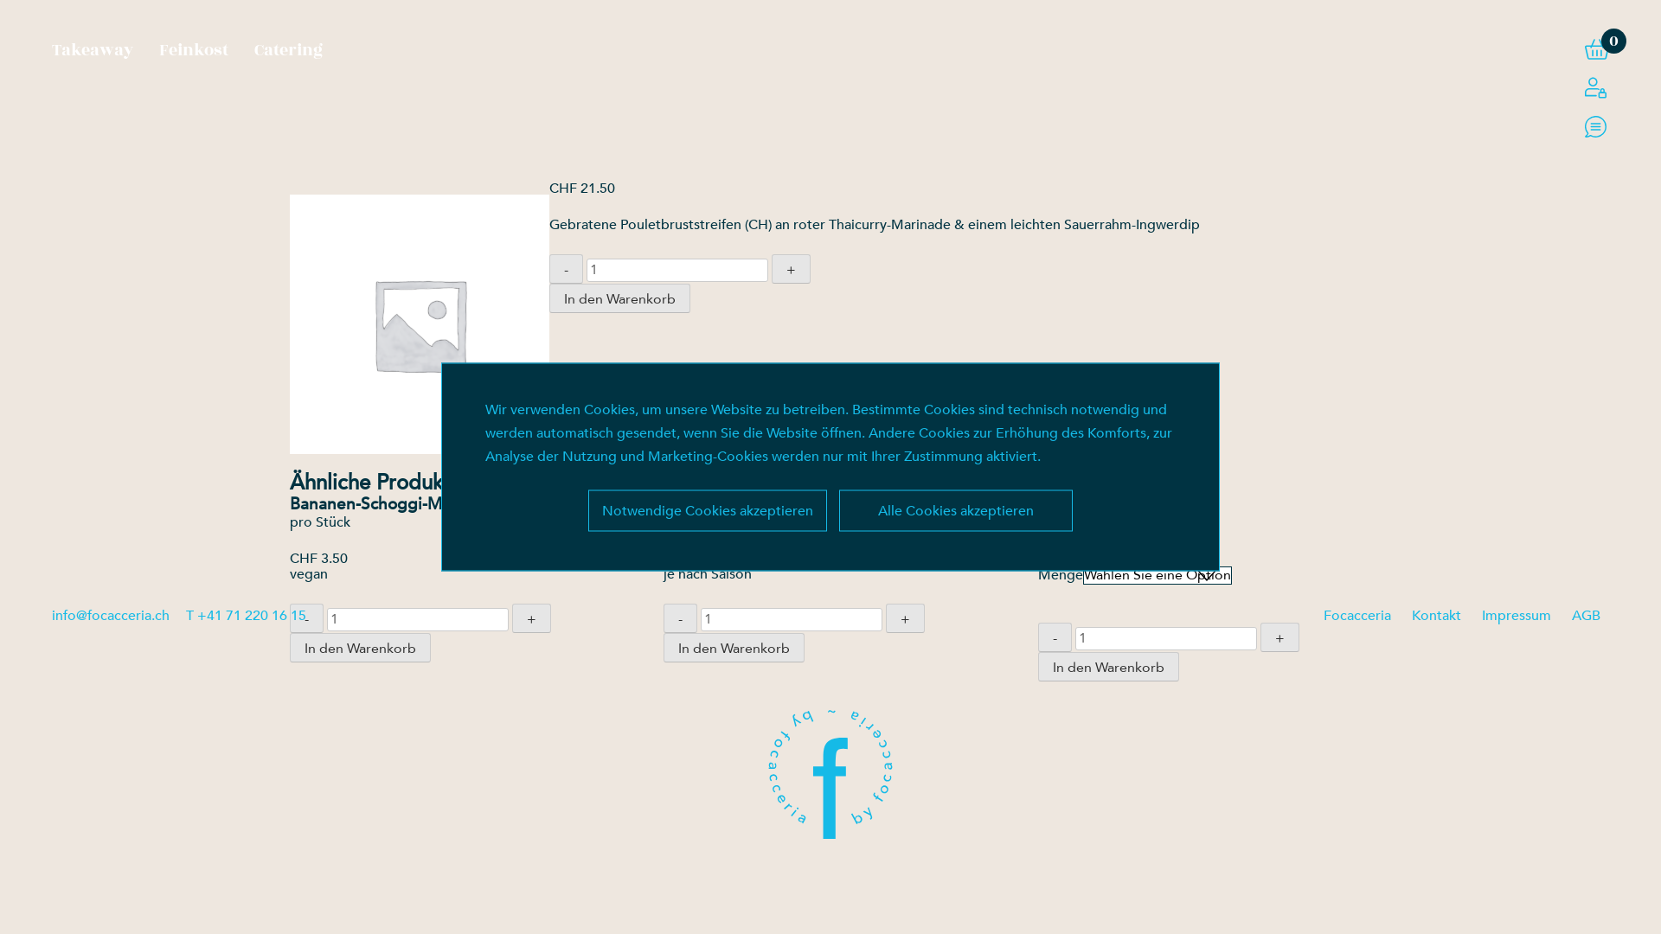 The width and height of the screenshot is (1661, 934). I want to click on 'Alle Cookies akzeptieren', so click(954, 509).